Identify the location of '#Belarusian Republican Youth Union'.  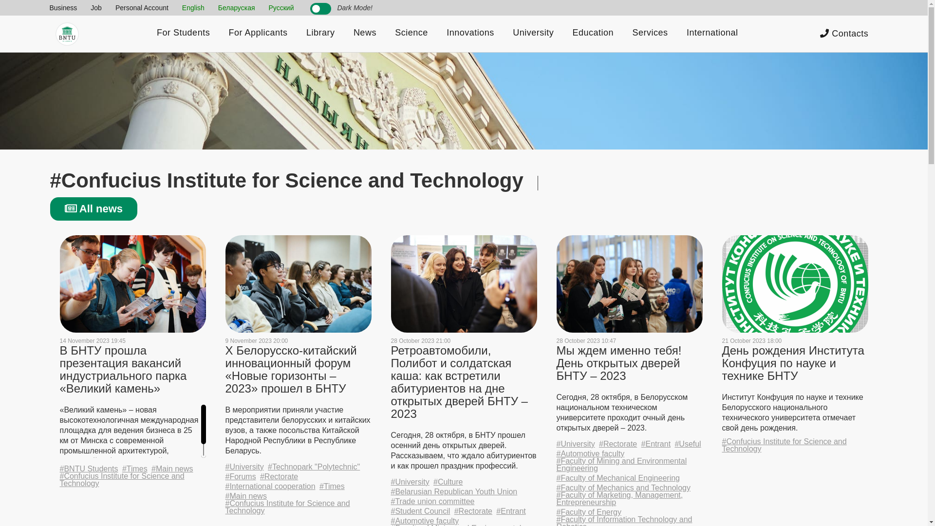
(453, 491).